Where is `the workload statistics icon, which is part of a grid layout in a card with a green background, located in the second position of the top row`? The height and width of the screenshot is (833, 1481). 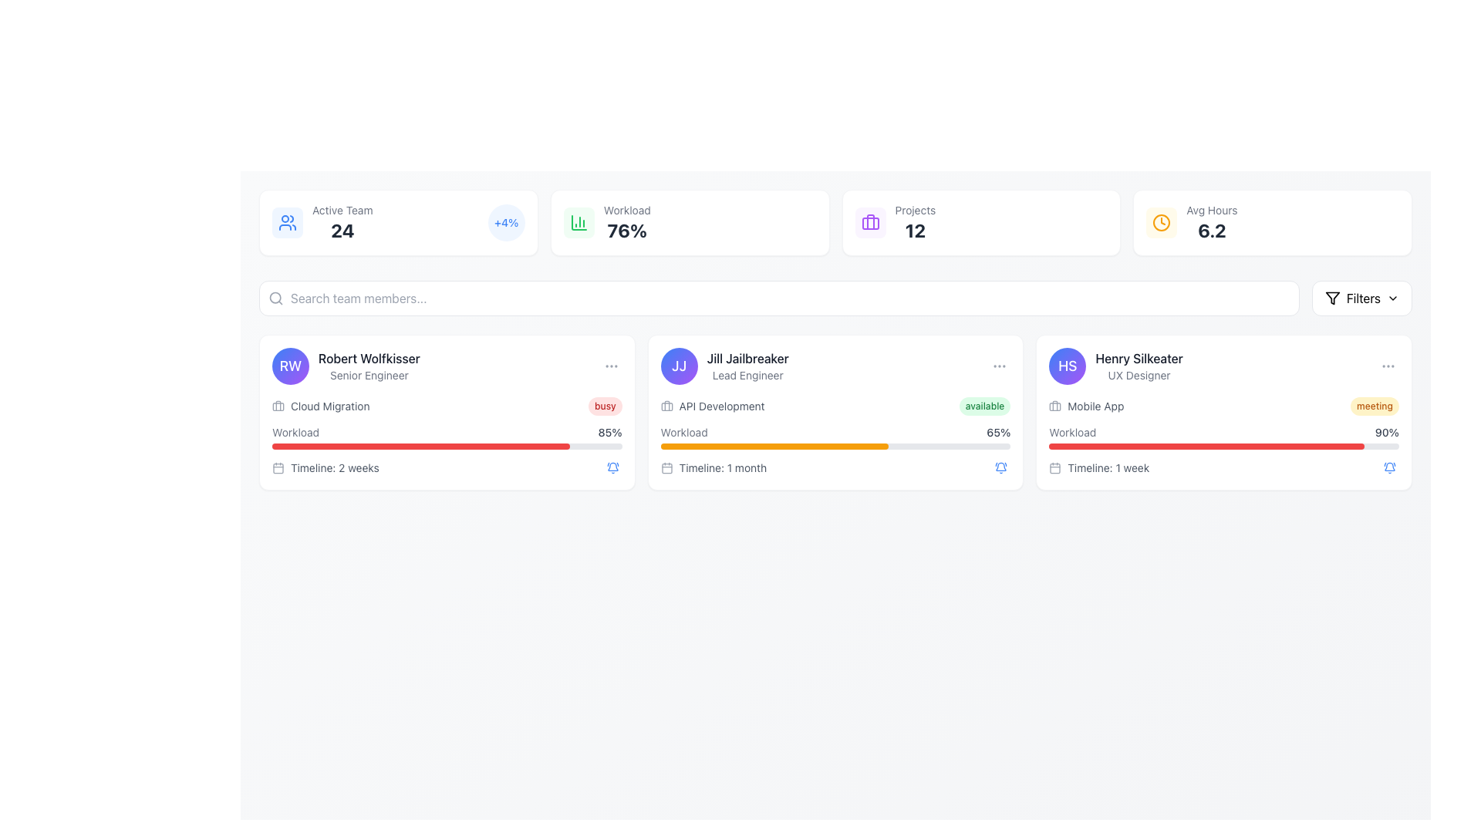
the workload statistics icon, which is part of a grid layout in a card with a green background, located in the second position of the top row is located at coordinates (578, 223).